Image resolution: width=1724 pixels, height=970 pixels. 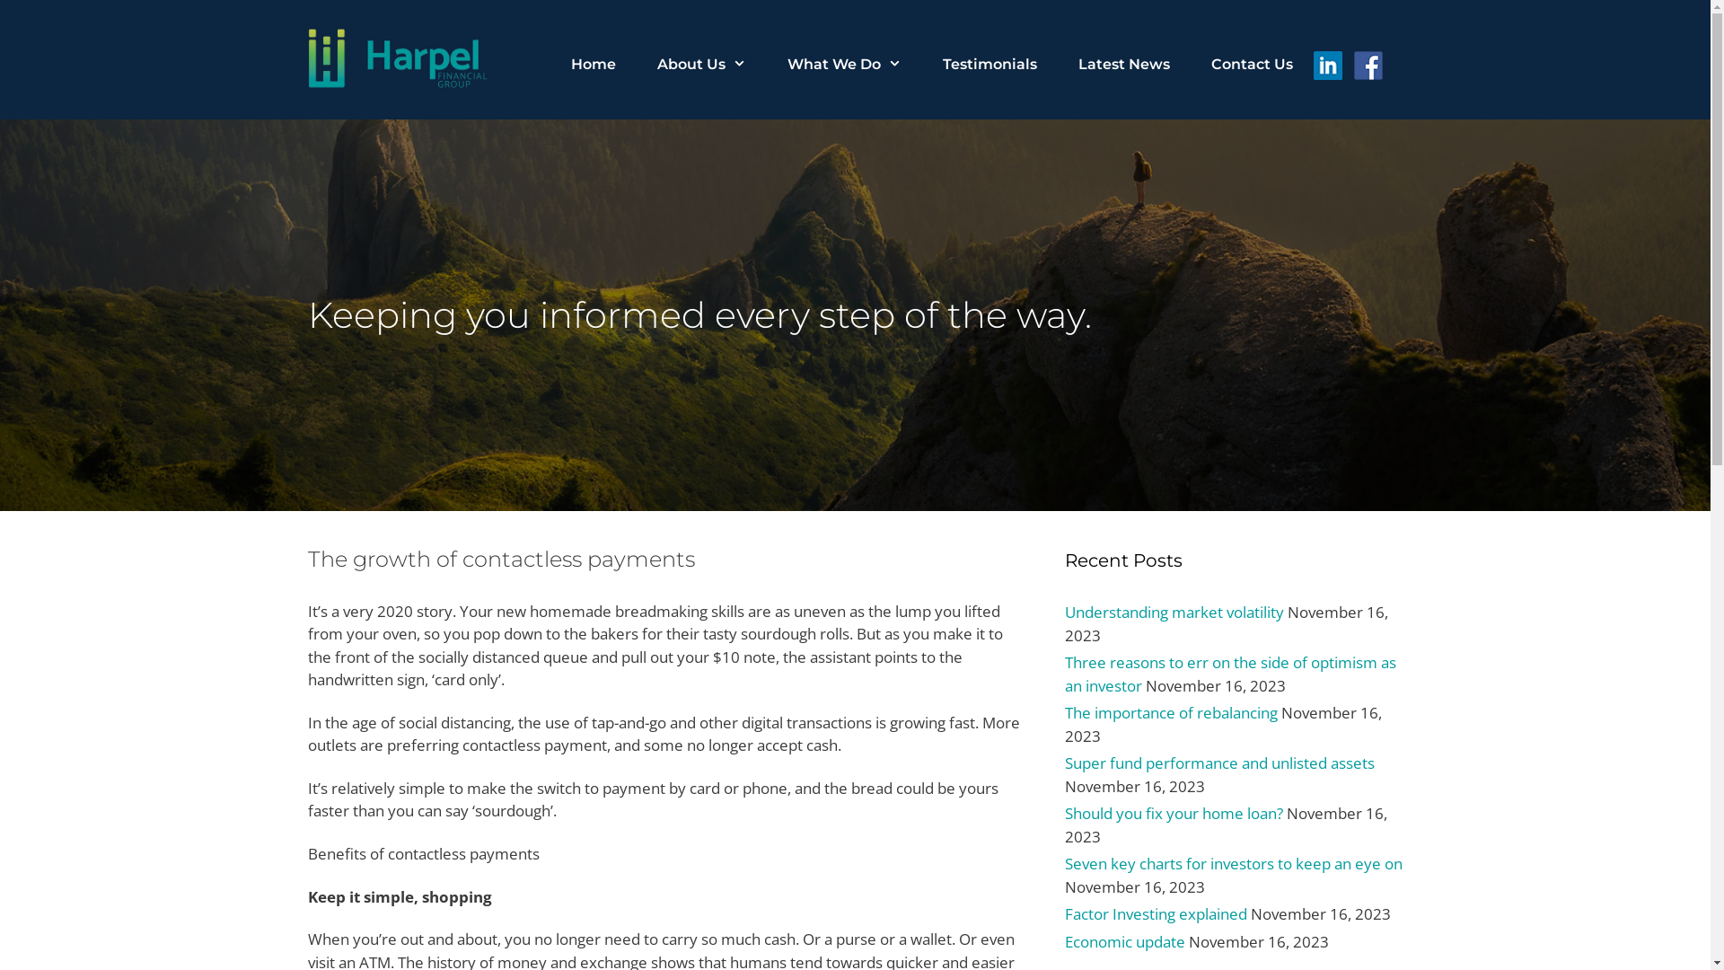 I want to click on 'Should you fix your home loan?', so click(x=1174, y=813).